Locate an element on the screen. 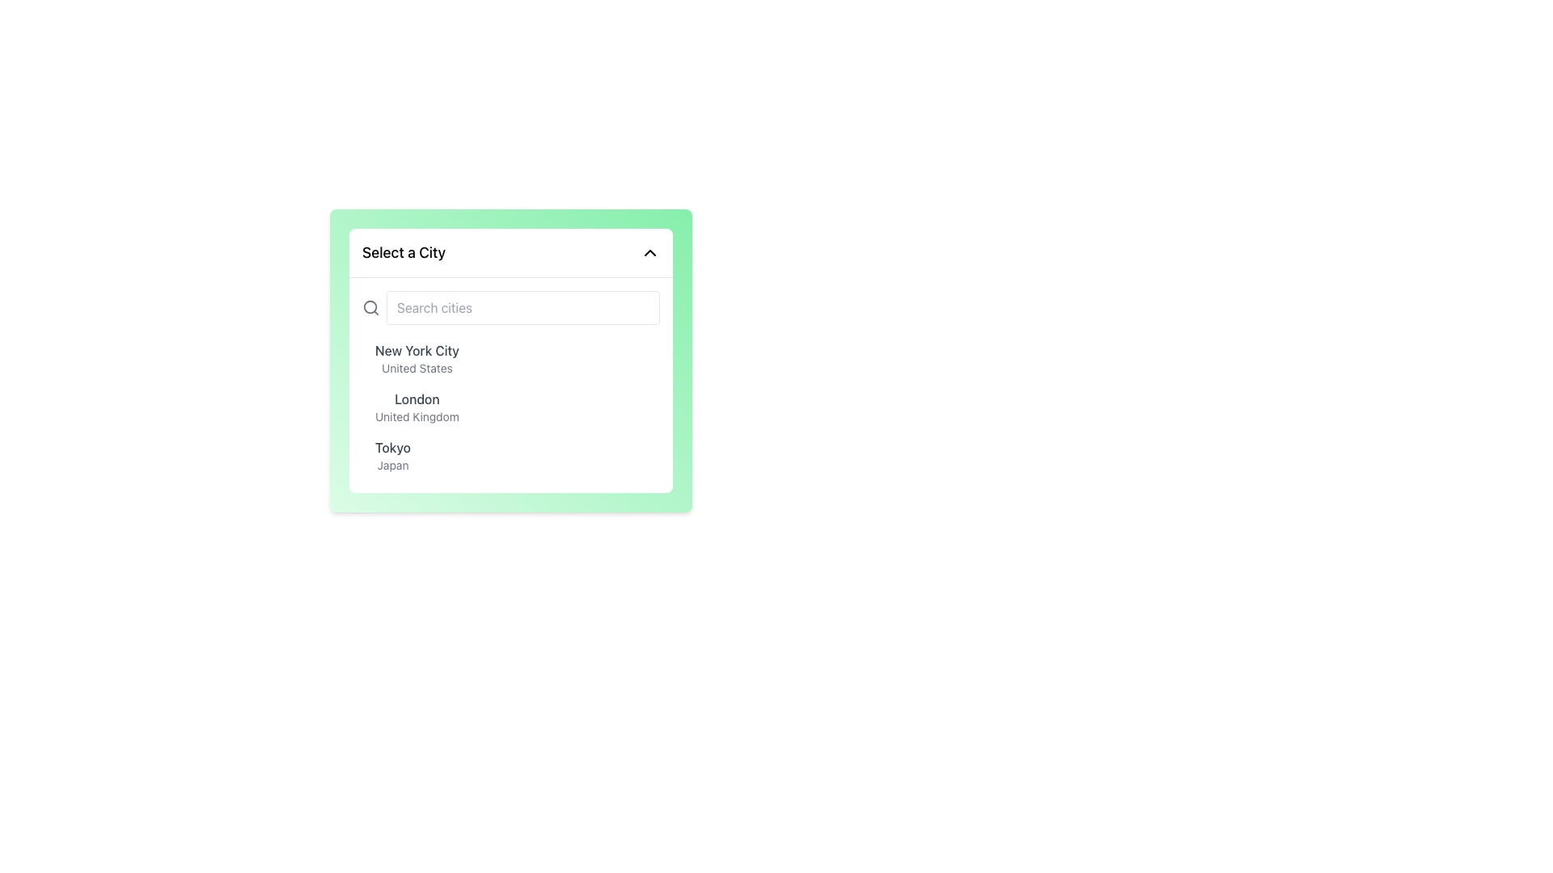 The height and width of the screenshot is (873, 1553). the dropdown menu option labeled 'New York City' is located at coordinates (510, 357).